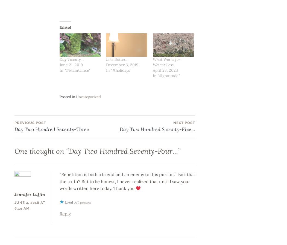 Image resolution: width=287 pixels, height=245 pixels. What do you see at coordinates (14, 194) in the screenshot?
I see `'Jennifer Laffin'` at bounding box center [14, 194].